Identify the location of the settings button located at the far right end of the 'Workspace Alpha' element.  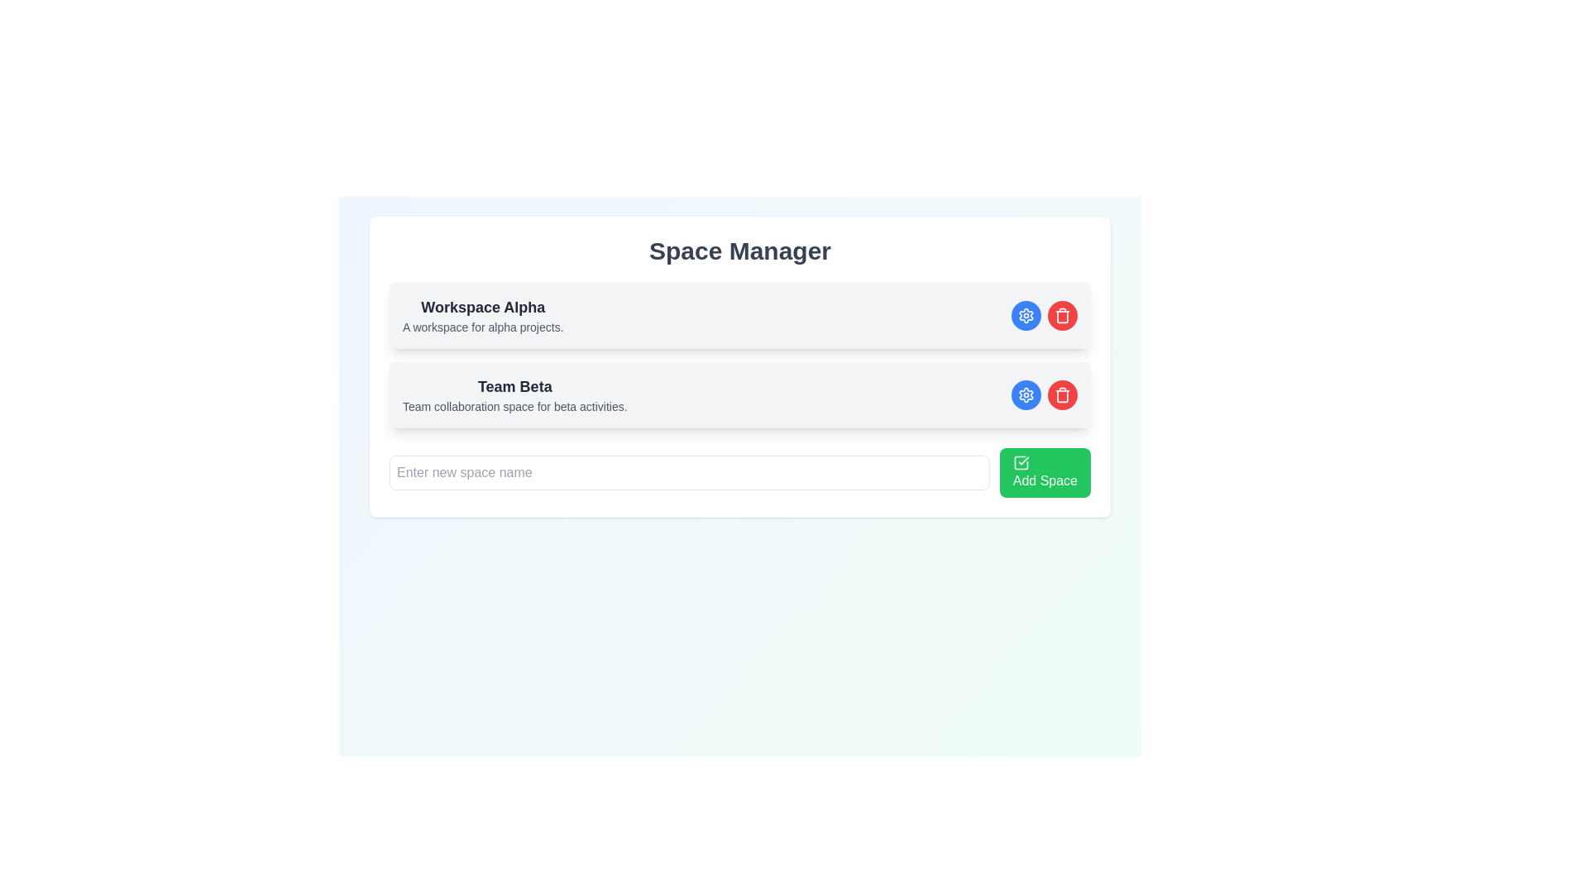
(1026, 315).